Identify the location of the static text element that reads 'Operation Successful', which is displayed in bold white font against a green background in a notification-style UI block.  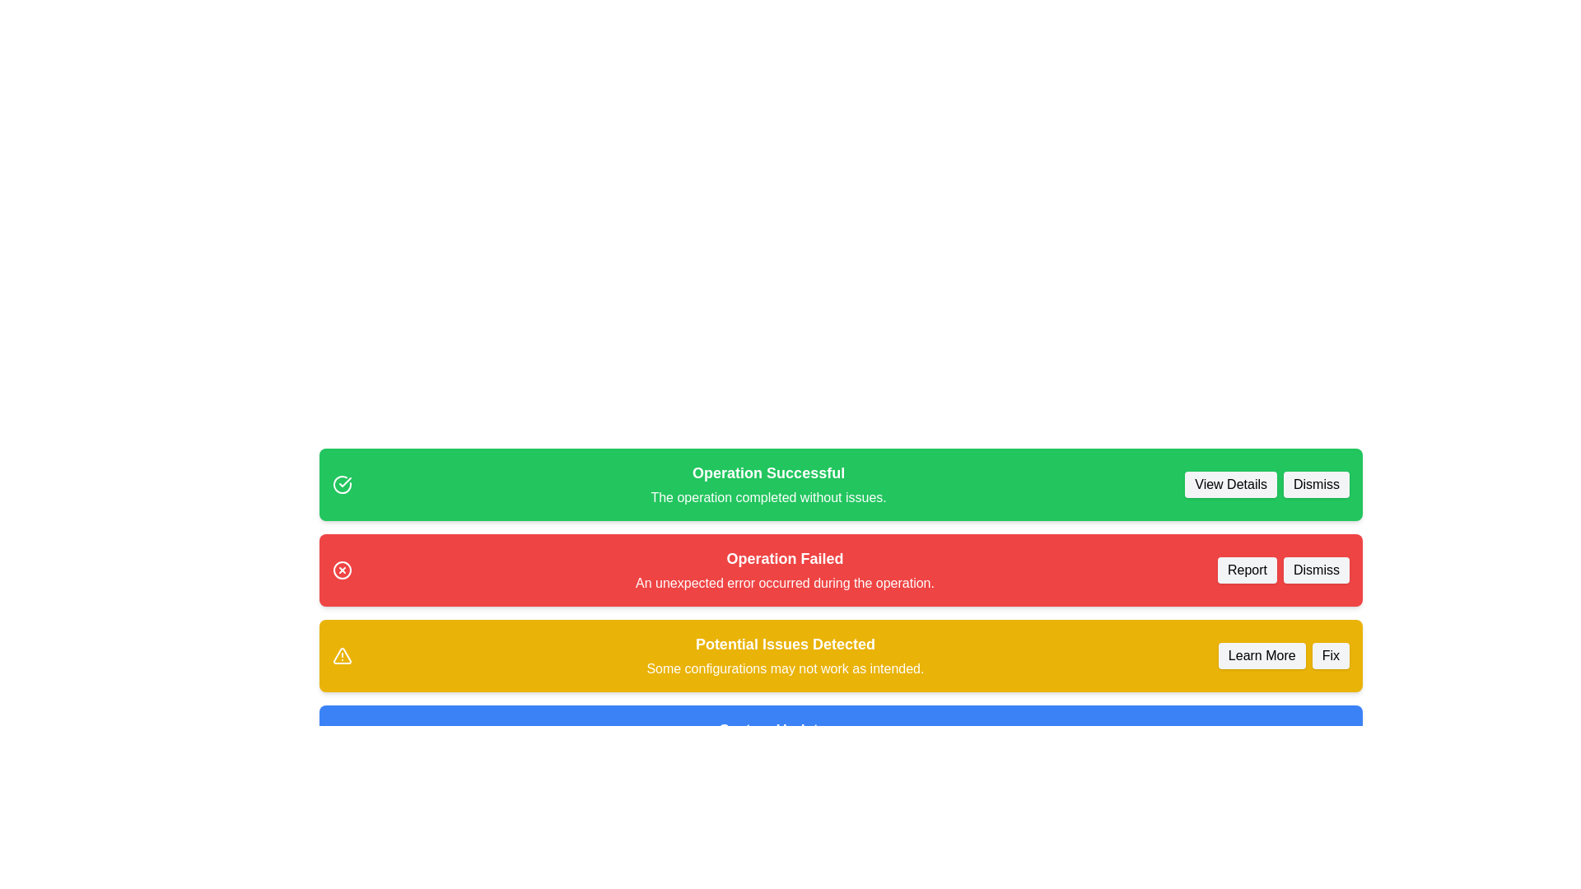
(767, 472).